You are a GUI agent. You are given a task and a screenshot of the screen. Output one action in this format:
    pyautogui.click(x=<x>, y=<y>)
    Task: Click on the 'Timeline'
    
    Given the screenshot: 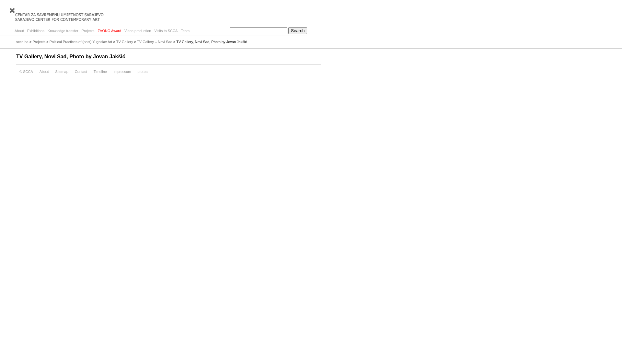 What is the action you would take?
    pyautogui.click(x=90, y=71)
    